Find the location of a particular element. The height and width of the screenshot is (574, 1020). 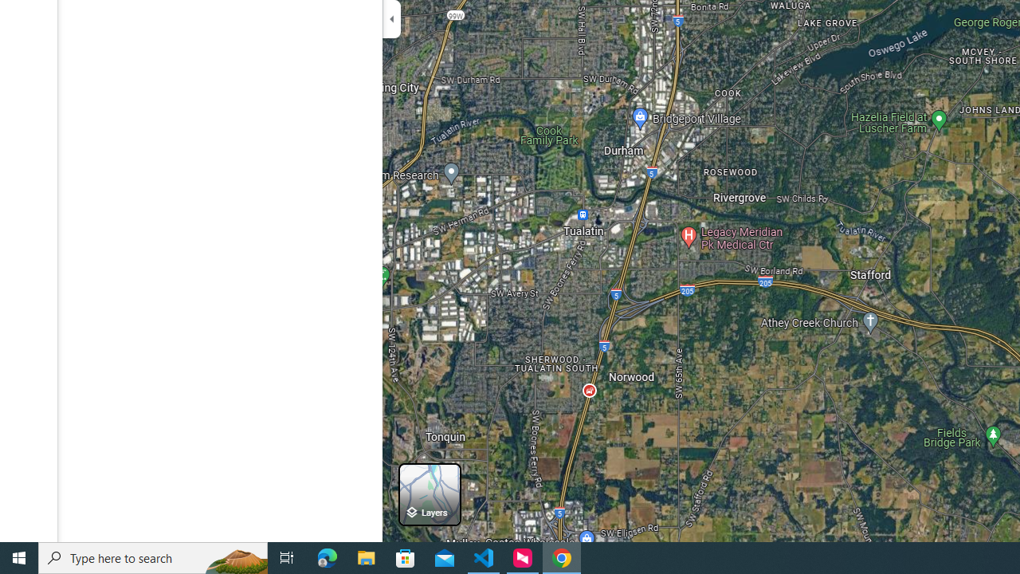

'Layers' is located at coordinates (430, 493).